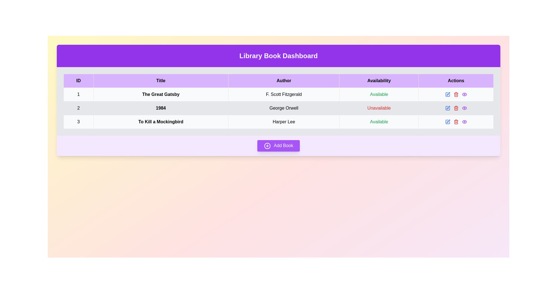 This screenshot has width=537, height=302. I want to click on the title of the book 'The Great Gatsby' displayed in the second column of the first row of the tabular dataset, so click(161, 94).